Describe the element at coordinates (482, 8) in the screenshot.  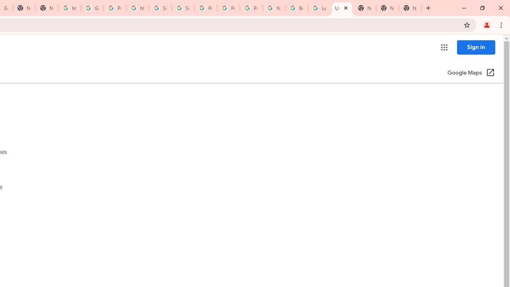
I see `'Restore'` at that location.